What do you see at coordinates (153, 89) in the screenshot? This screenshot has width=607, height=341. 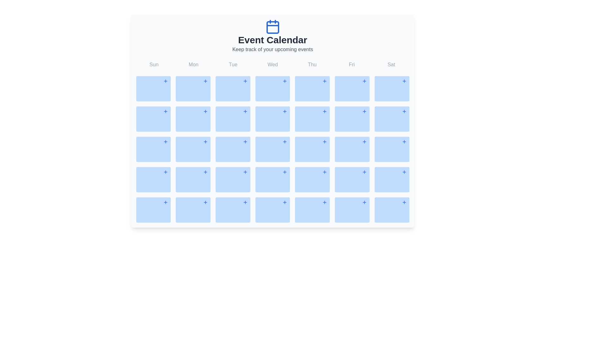 I see `the interactive calendar cell for 'Sun'` at bounding box center [153, 89].